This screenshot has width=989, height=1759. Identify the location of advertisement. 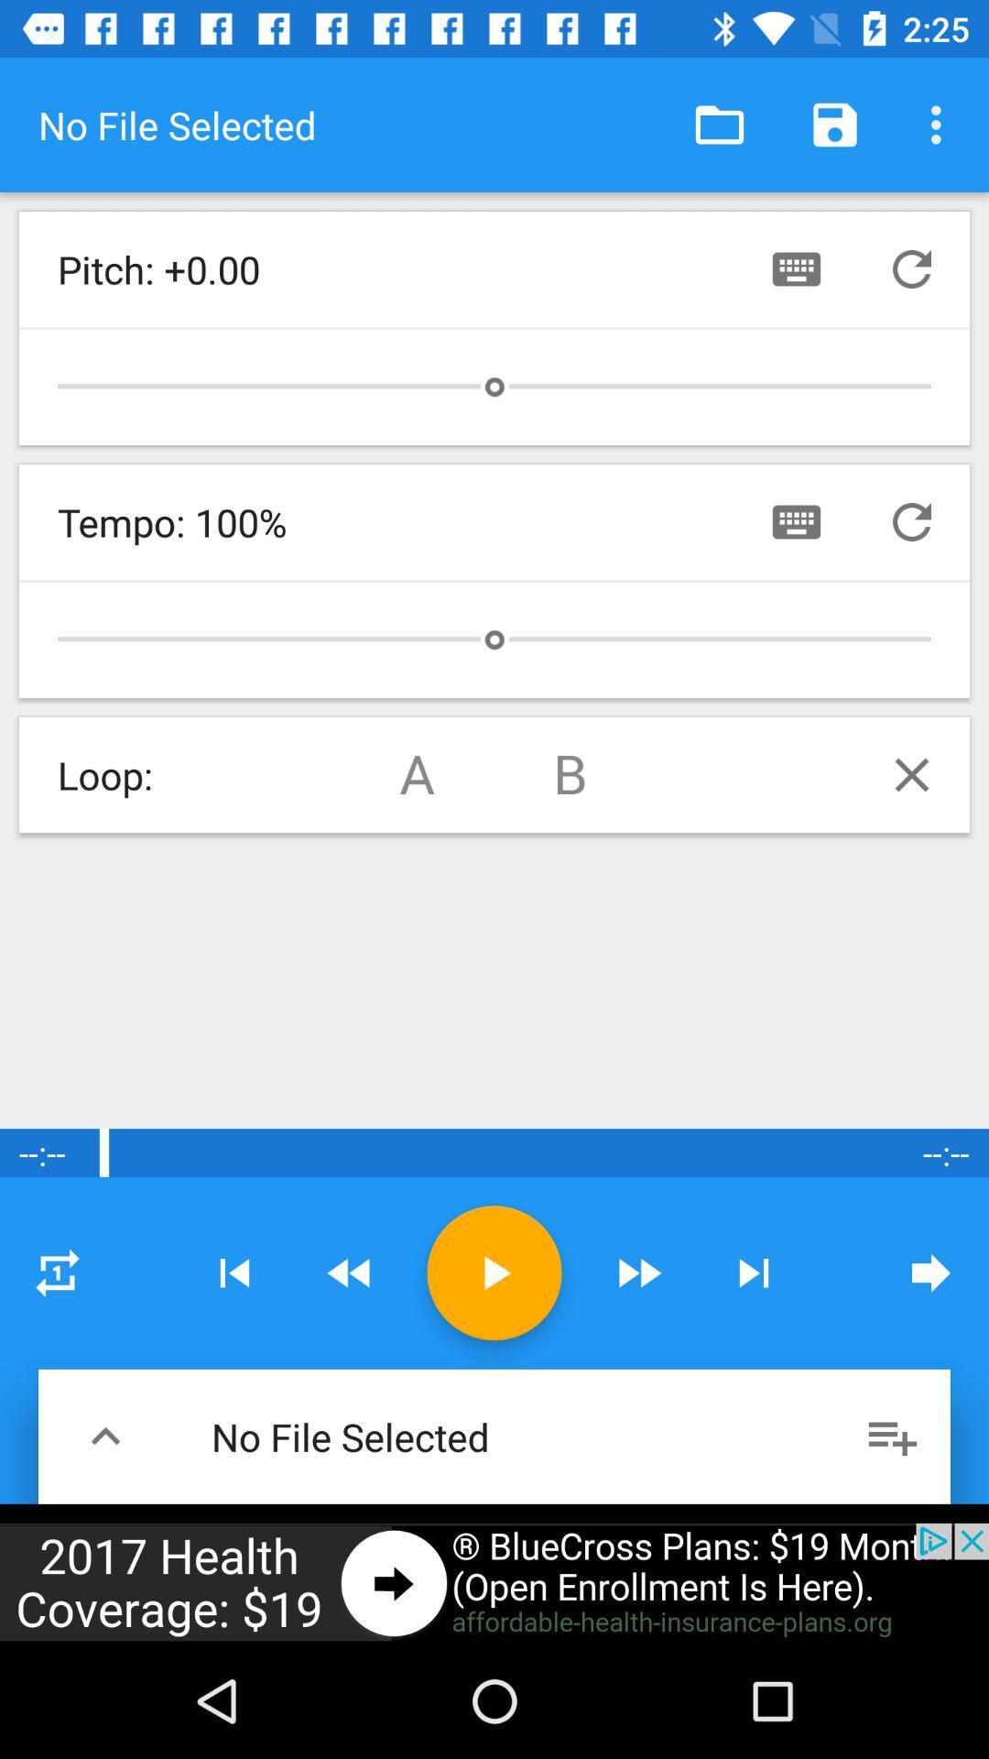
(494, 1582).